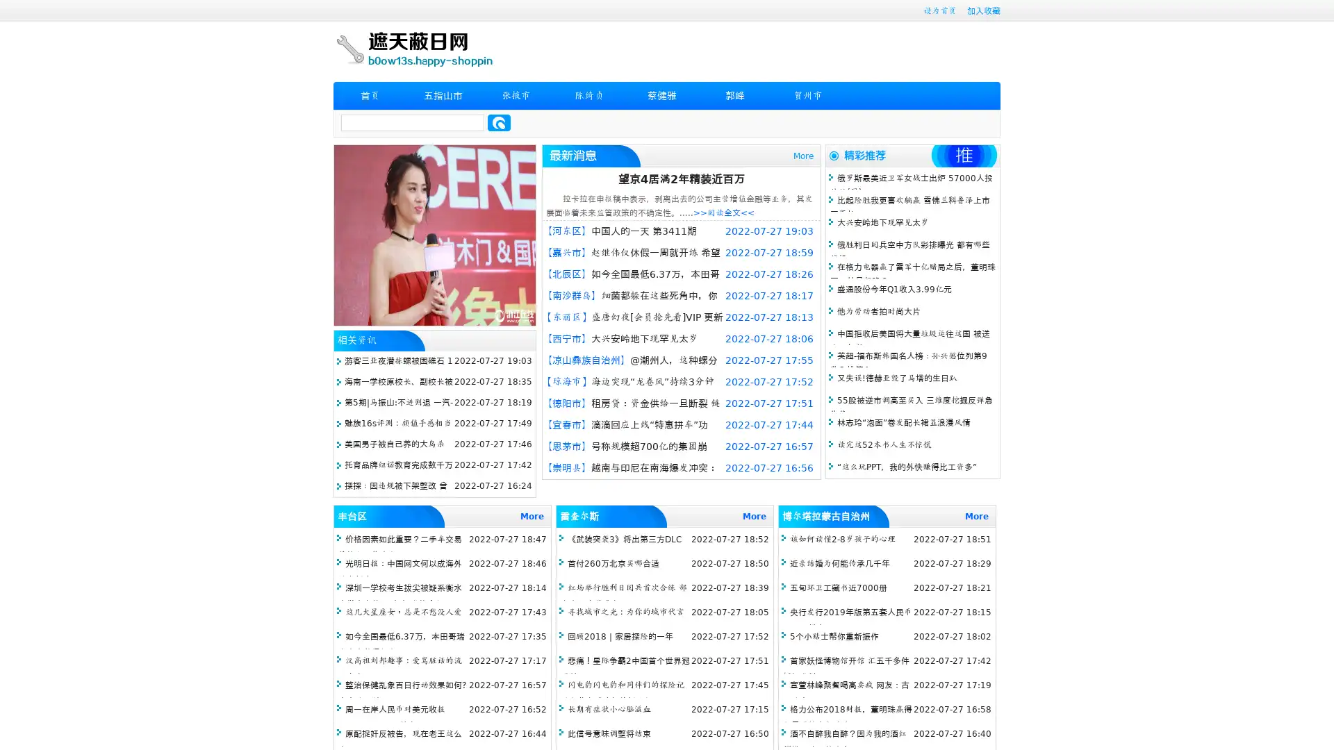 Image resolution: width=1334 pixels, height=750 pixels. What do you see at coordinates (499, 122) in the screenshot?
I see `Search` at bounding box center [499, 122].